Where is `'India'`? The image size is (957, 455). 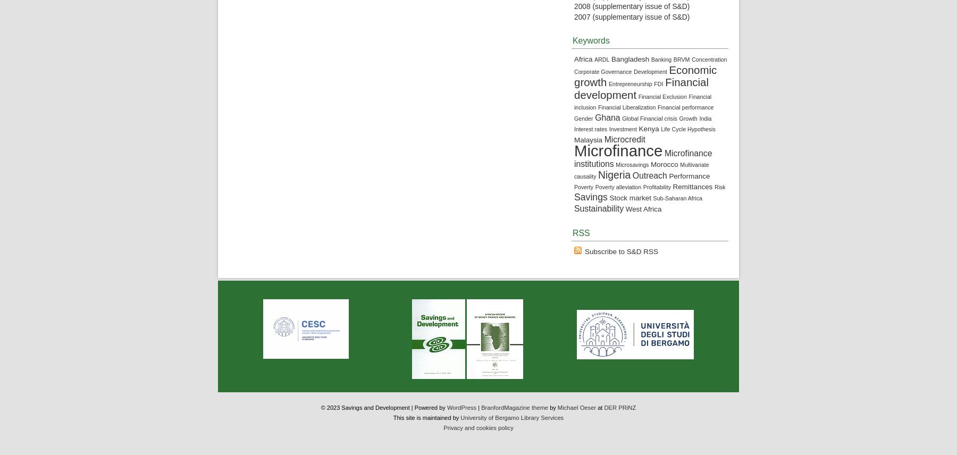
'India' is located at coordinates (699, 117).